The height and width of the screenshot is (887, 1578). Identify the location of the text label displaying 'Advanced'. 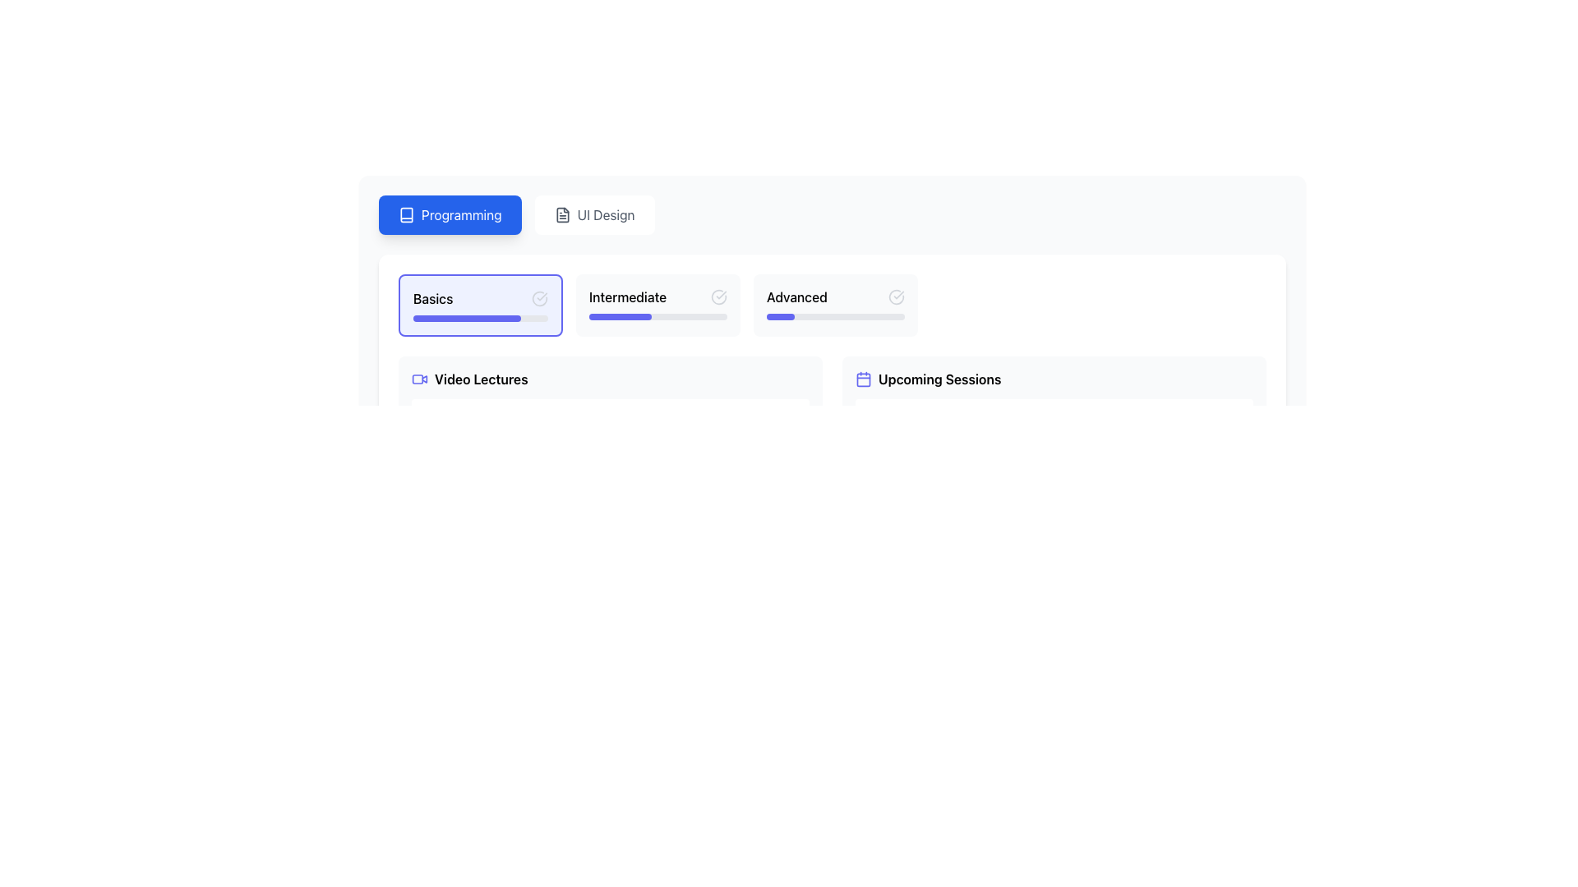
(796, 297).